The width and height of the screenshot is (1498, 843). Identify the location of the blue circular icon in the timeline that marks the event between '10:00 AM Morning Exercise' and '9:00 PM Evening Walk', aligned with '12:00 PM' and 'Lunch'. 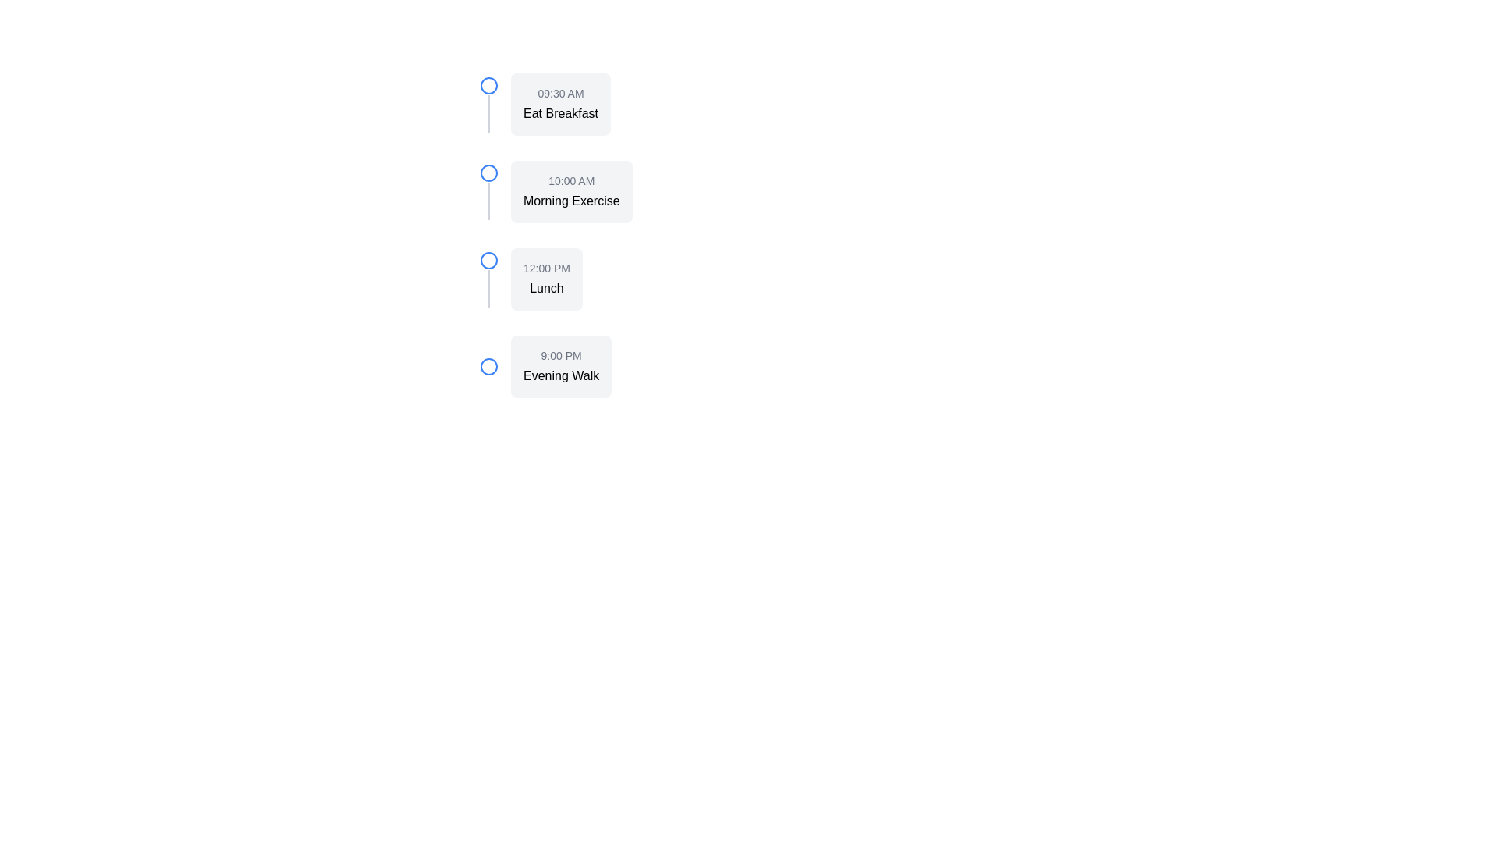
(488, 260).